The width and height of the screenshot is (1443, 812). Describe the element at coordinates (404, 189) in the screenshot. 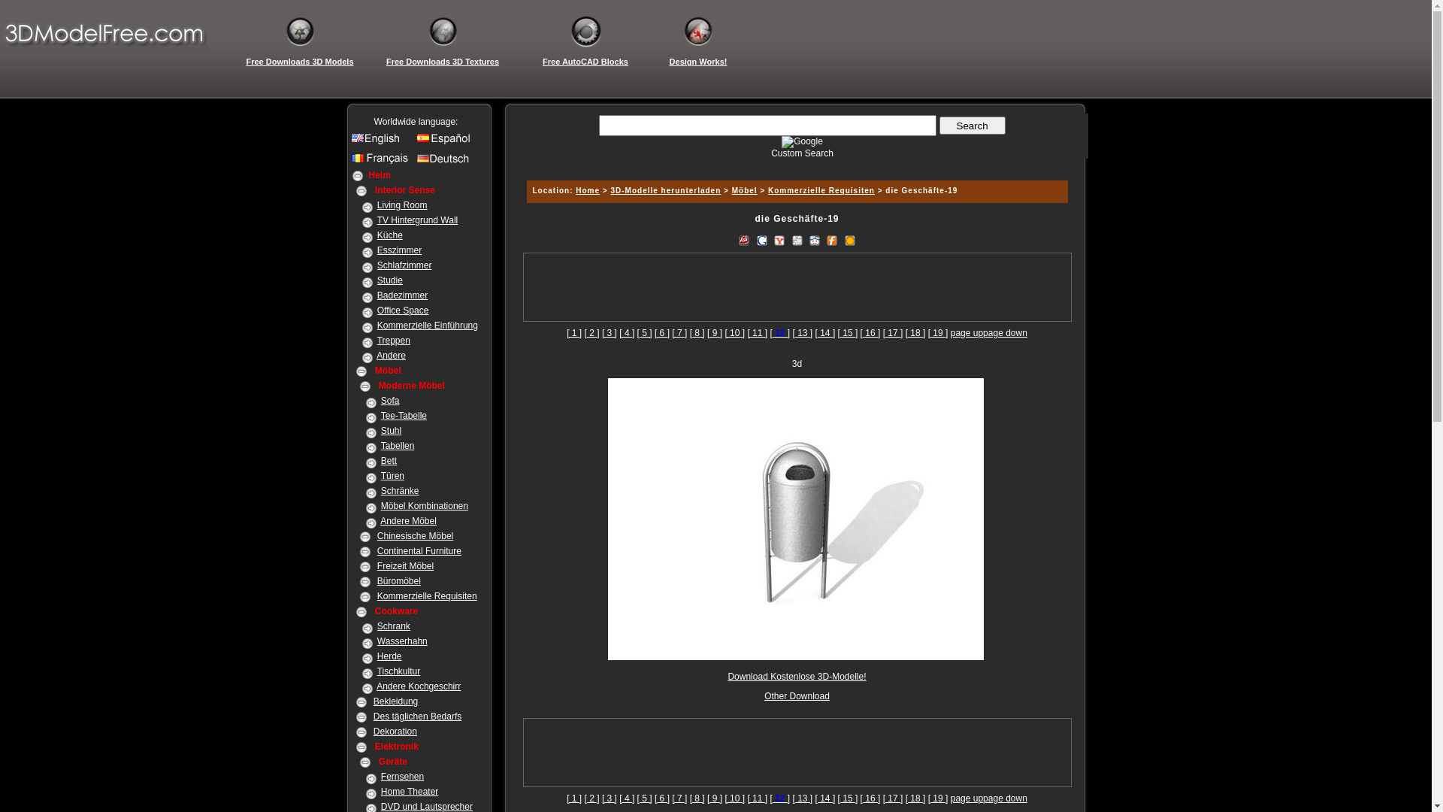

I see `'Interior Sense'` at that location.